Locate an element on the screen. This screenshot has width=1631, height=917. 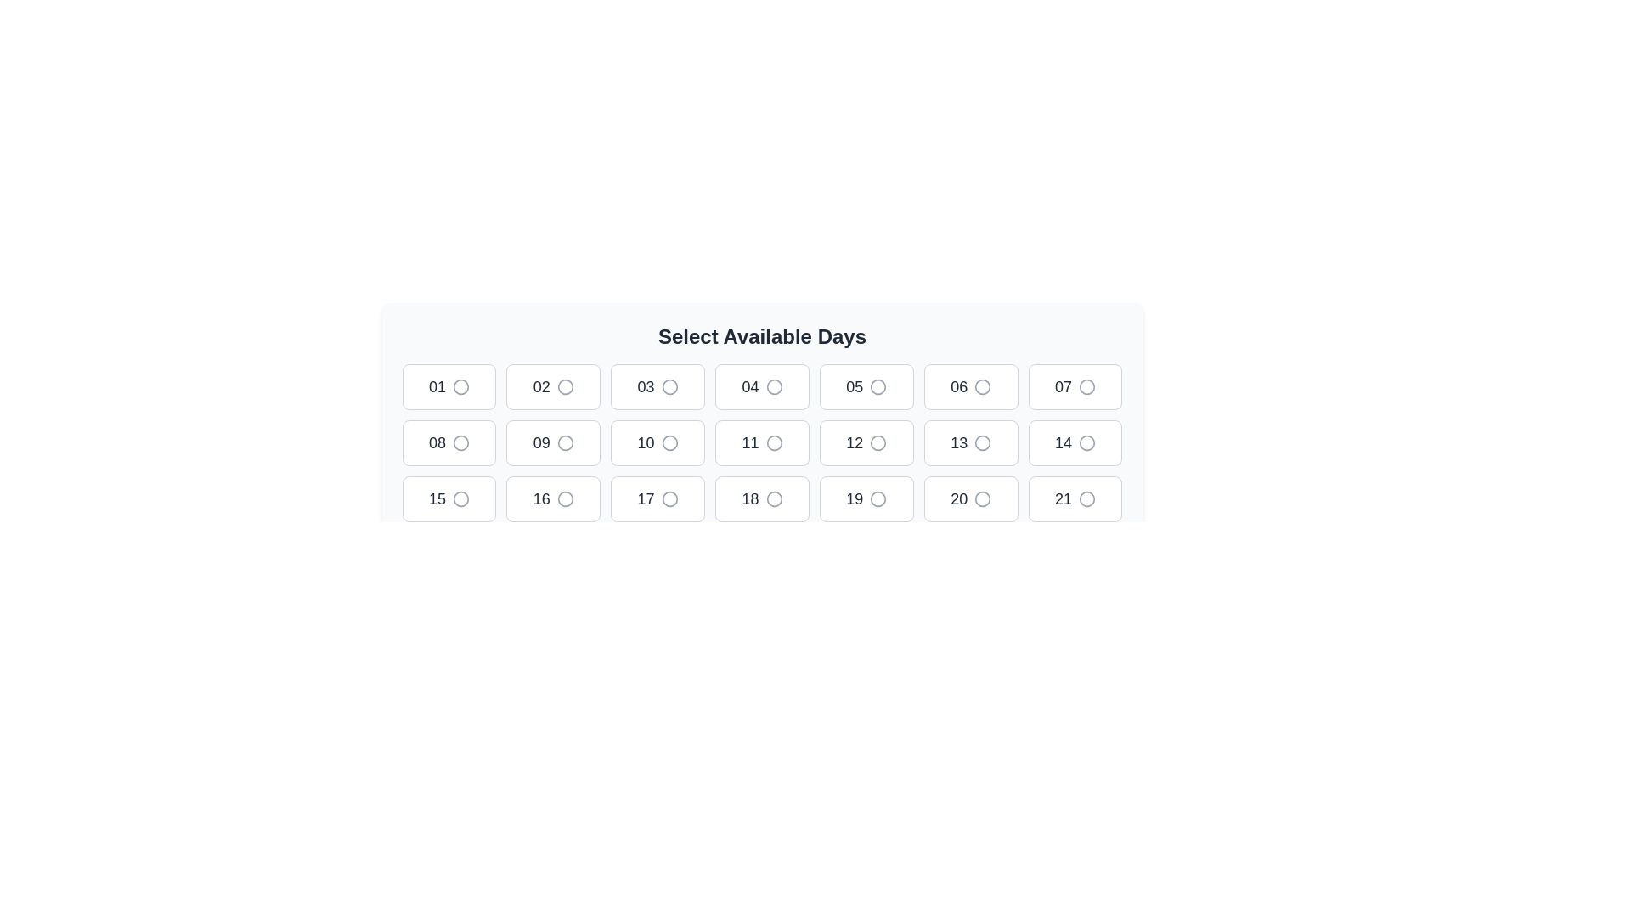
number '14' presented on the visual label located in the second row, fourth column of the date selection grid is located at coordinates (1063, 442).